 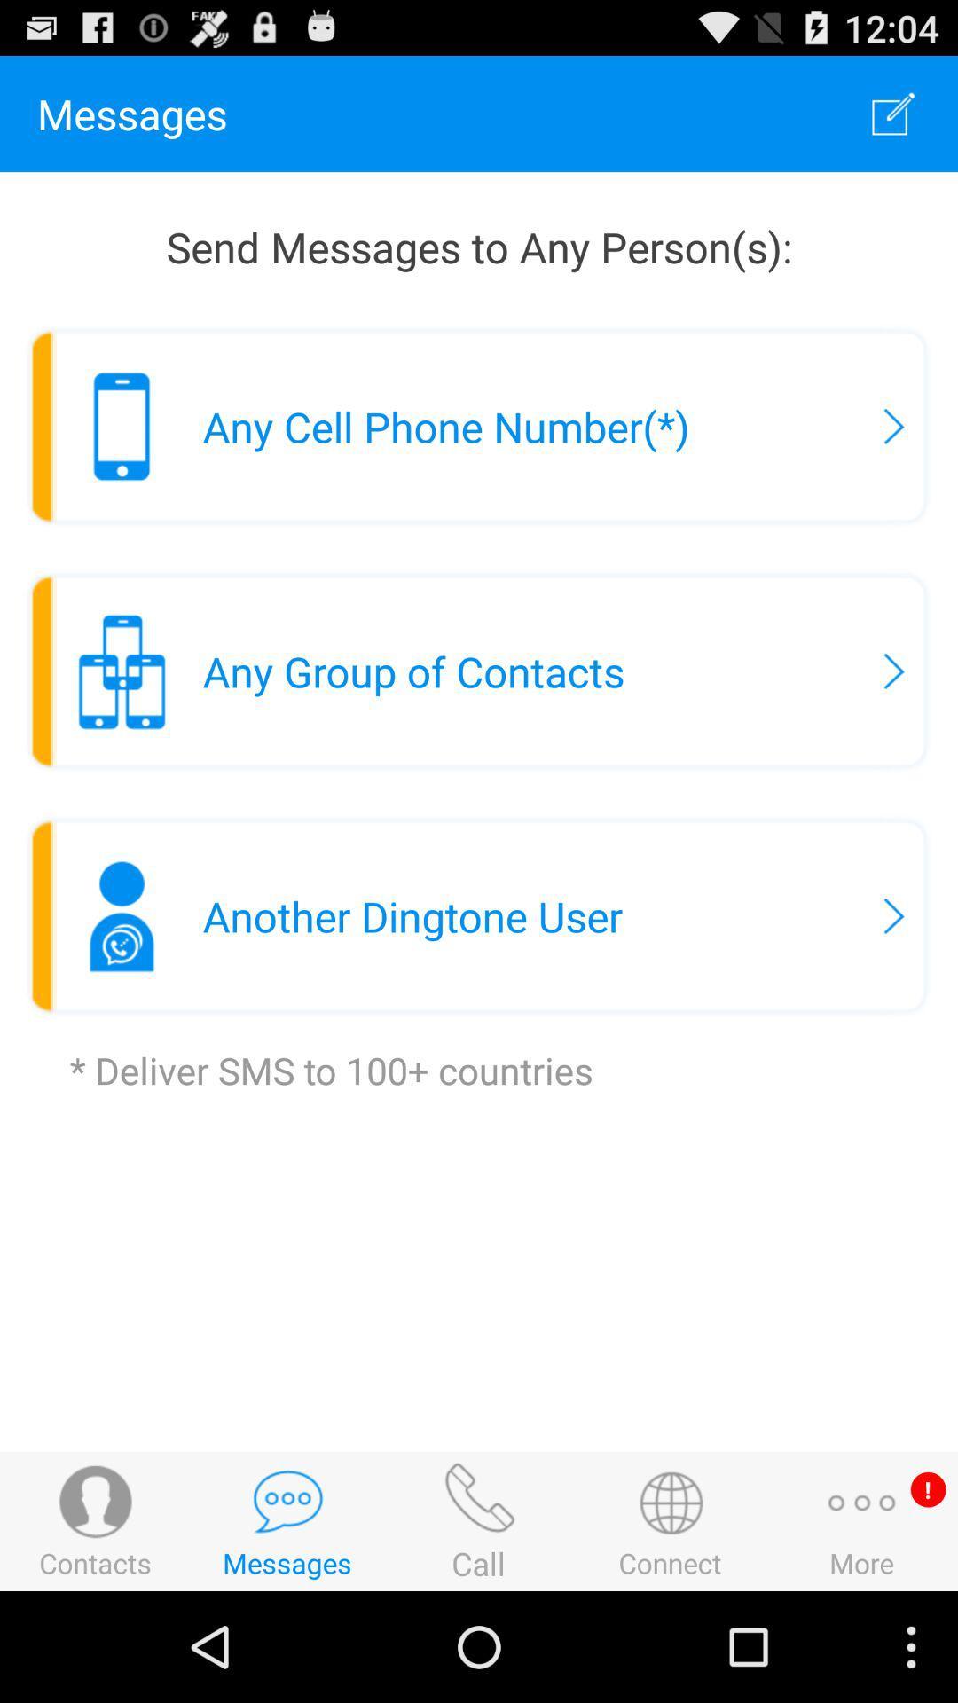 I want to click on the app next to the messages item, so click(x=893, y=113).